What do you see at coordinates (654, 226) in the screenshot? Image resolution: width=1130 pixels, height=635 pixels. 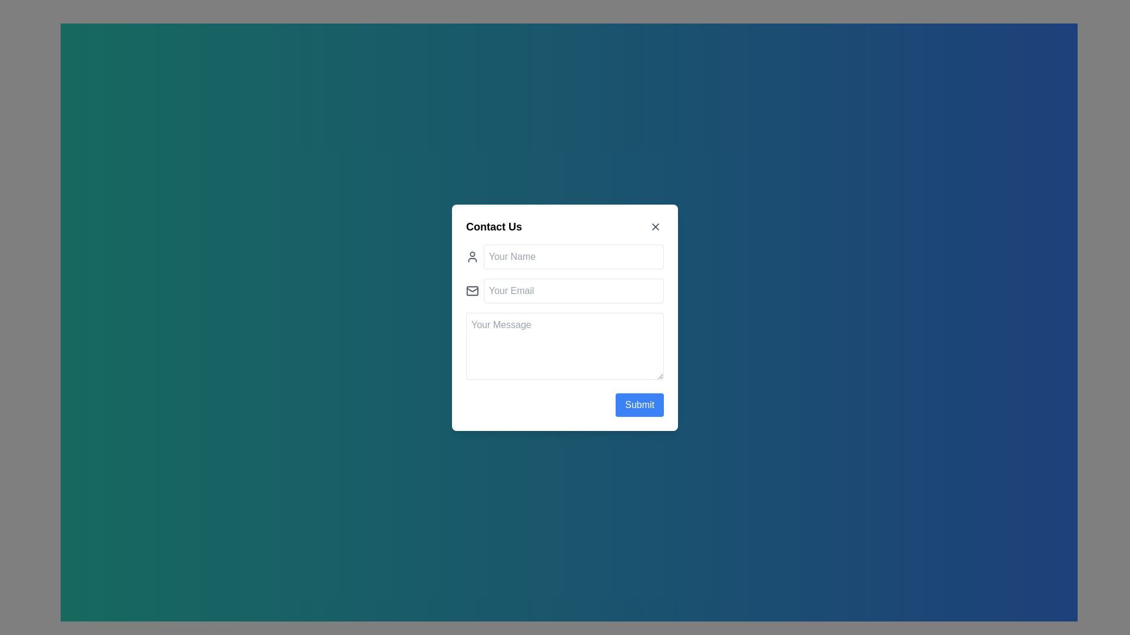 I see `the 'X' icon close button located in the top-right corner of the white dialog box` at bounding box center [654, 226].